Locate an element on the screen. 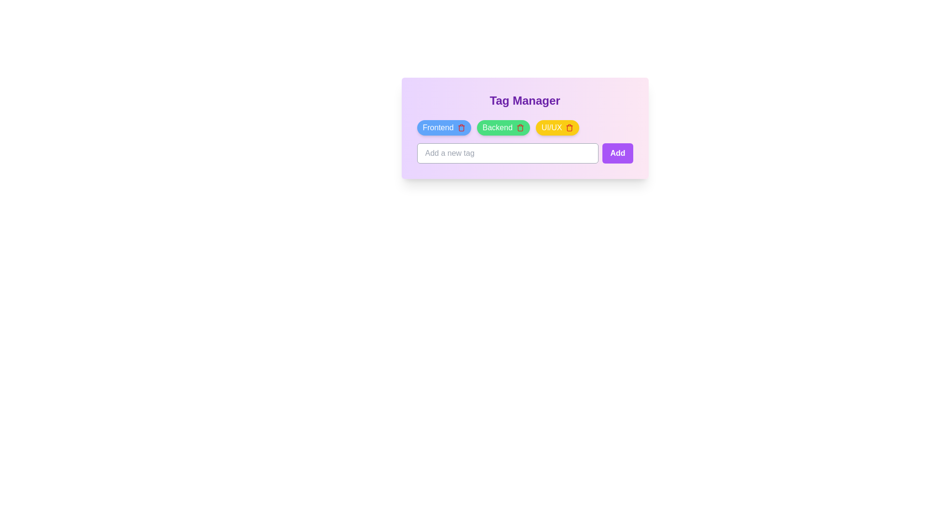 The height and width of the screenshot is (521, 926). the tag list area to visually inspect the tags is located at coordinates (524, 128).